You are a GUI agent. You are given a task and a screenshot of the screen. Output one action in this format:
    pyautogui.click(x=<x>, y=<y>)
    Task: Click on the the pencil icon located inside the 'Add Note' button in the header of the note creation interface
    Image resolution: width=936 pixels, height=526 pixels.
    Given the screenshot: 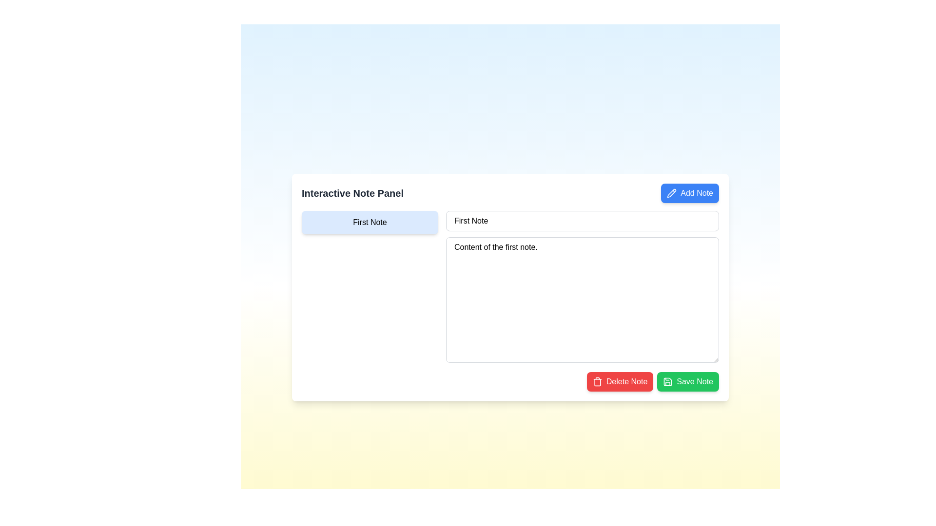 What is the action you would take?
    pyautogui.click(x=671, y=193)
    